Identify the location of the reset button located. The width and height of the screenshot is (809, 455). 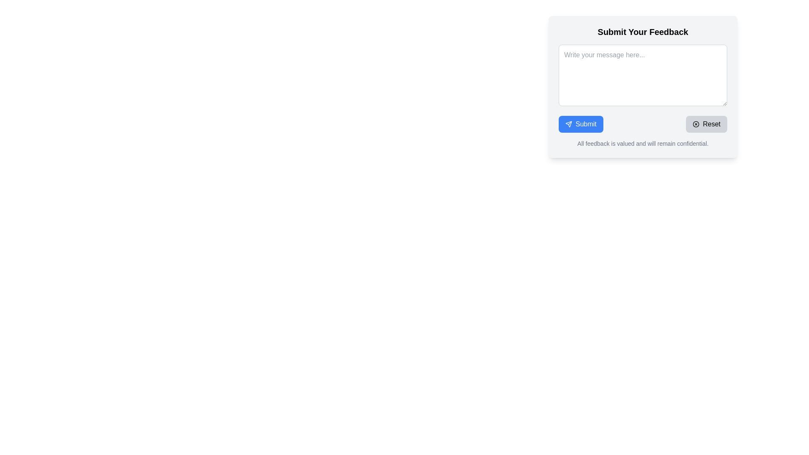
(707, 124).